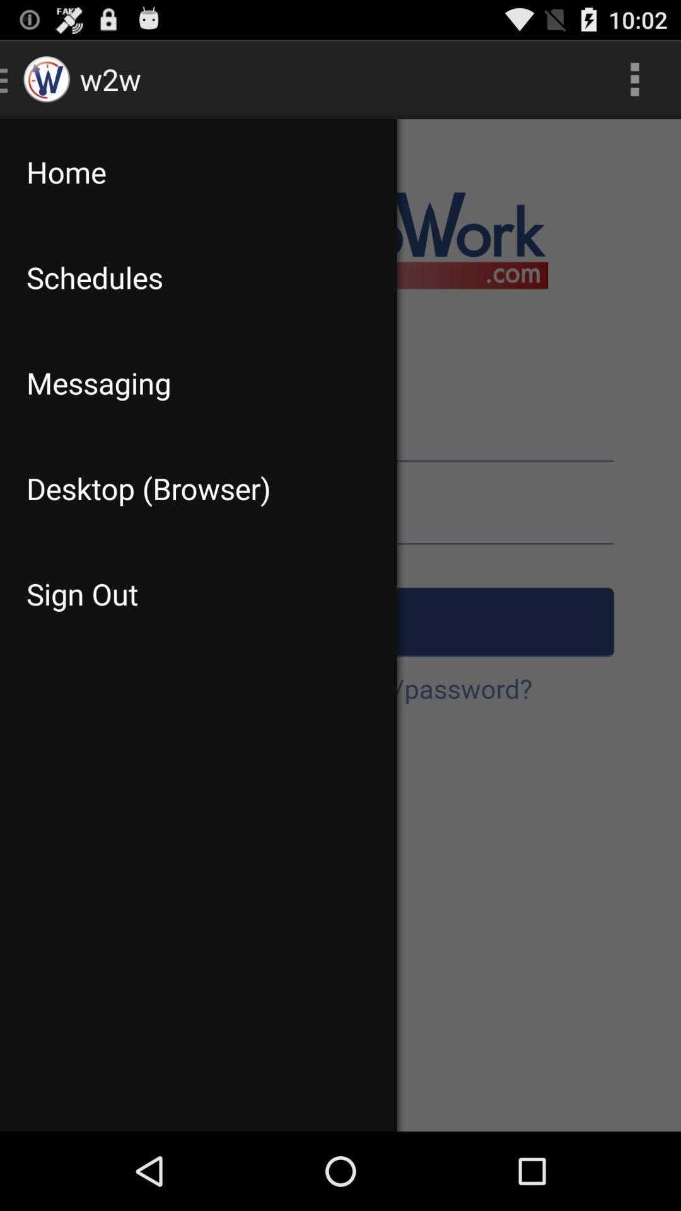 This screenshot has height=1211, width=681. What do you see at coordinates (199, 277) in the screenshot?
I see `the icon above the messaging icon` at bounding box center [199, 277].